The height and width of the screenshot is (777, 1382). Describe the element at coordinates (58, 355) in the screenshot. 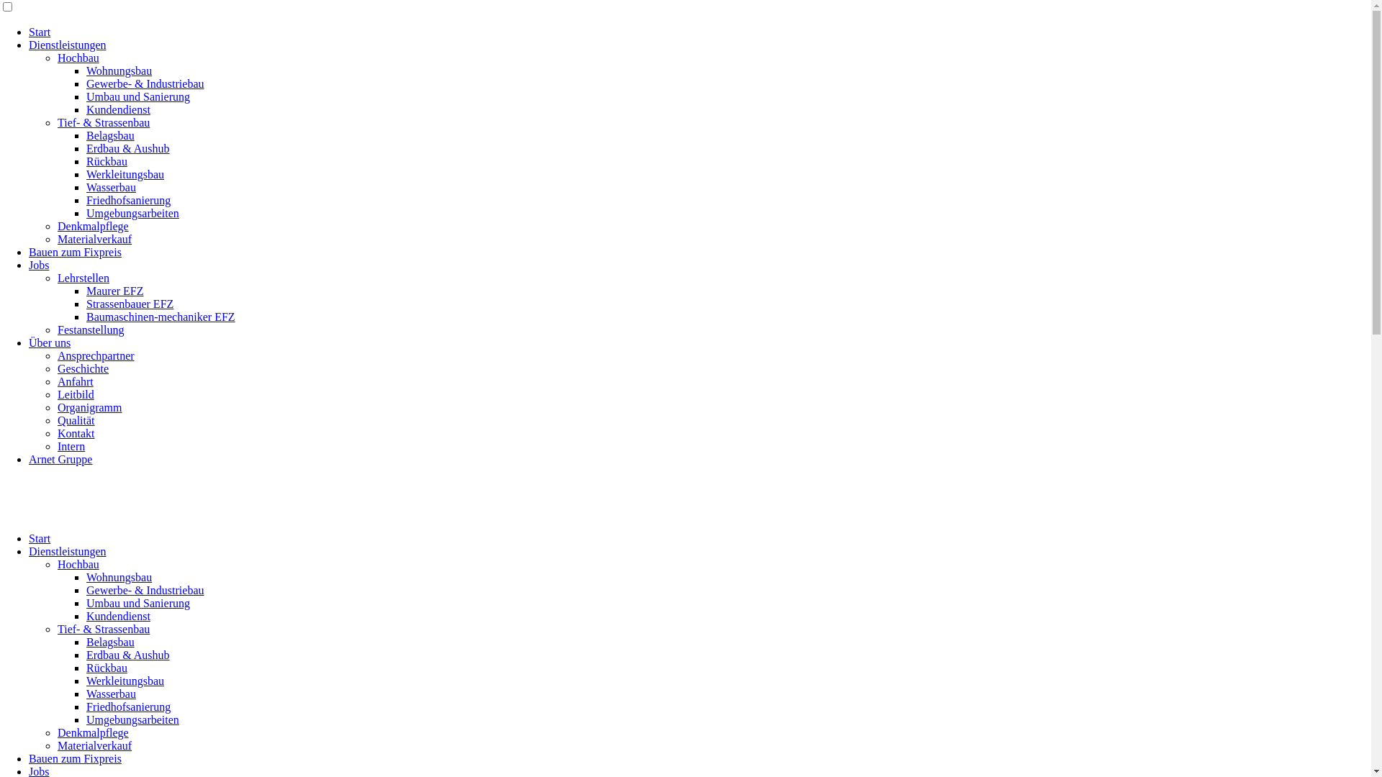

I see `'Ansprechpartner'` at that location.